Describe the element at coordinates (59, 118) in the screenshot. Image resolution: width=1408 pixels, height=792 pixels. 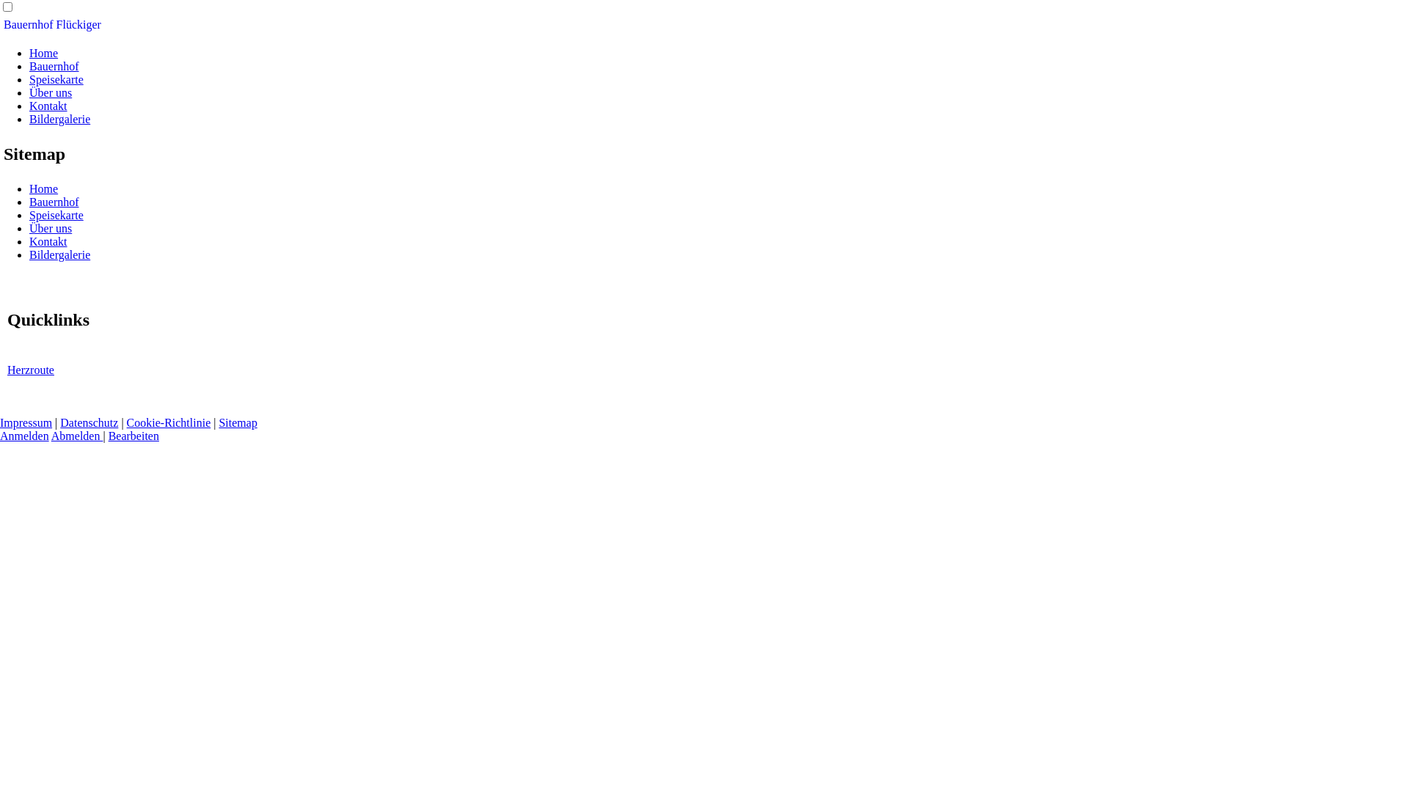
I see `'Bildergalerie'` at that location.